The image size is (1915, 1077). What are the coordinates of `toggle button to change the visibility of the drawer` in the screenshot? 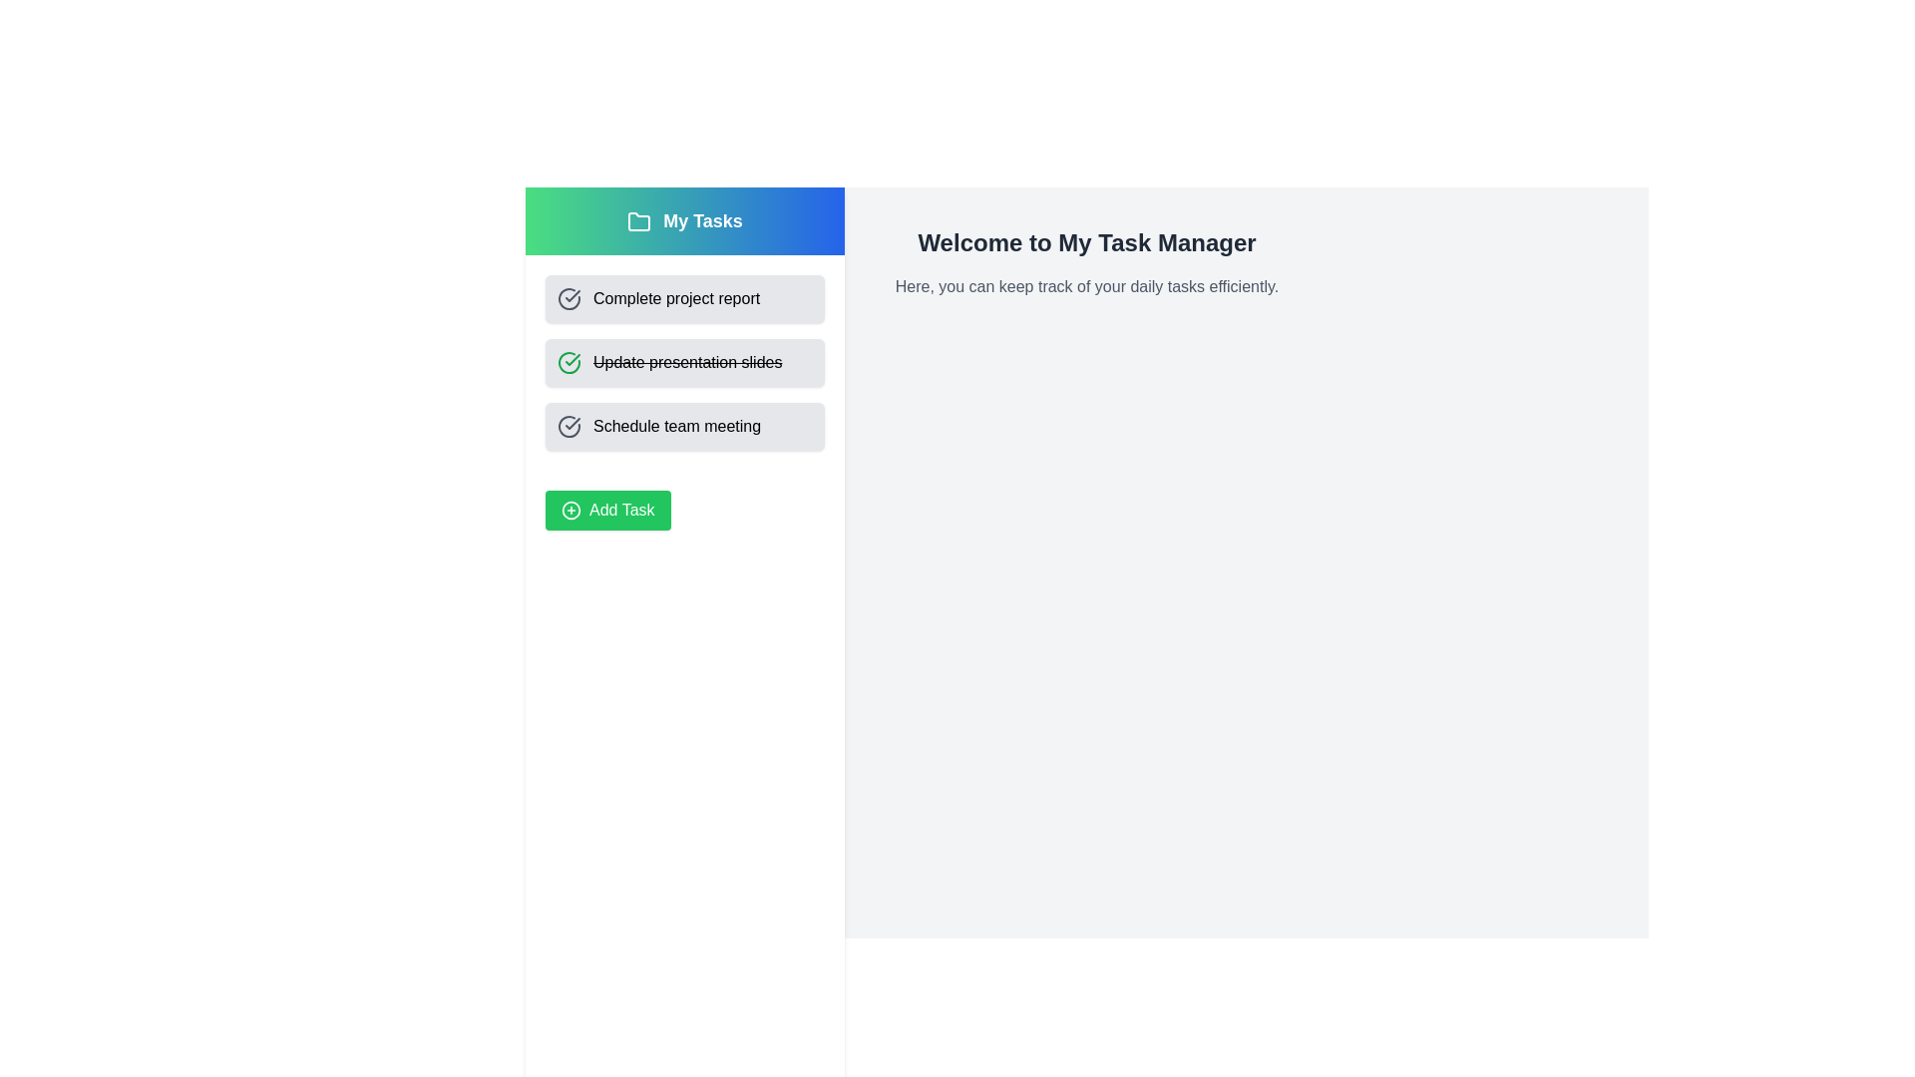 It's located at (569, 229).